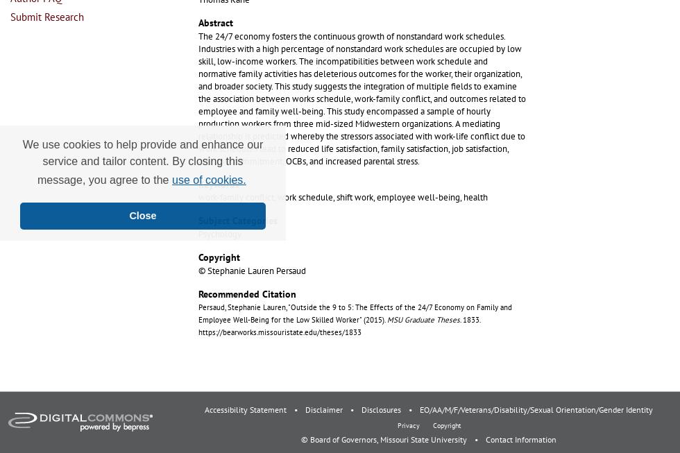  What do you see at coordinates (238, 220) in the screenshot?
I see `'Subject Categories'` at bounding box center [238, 220].